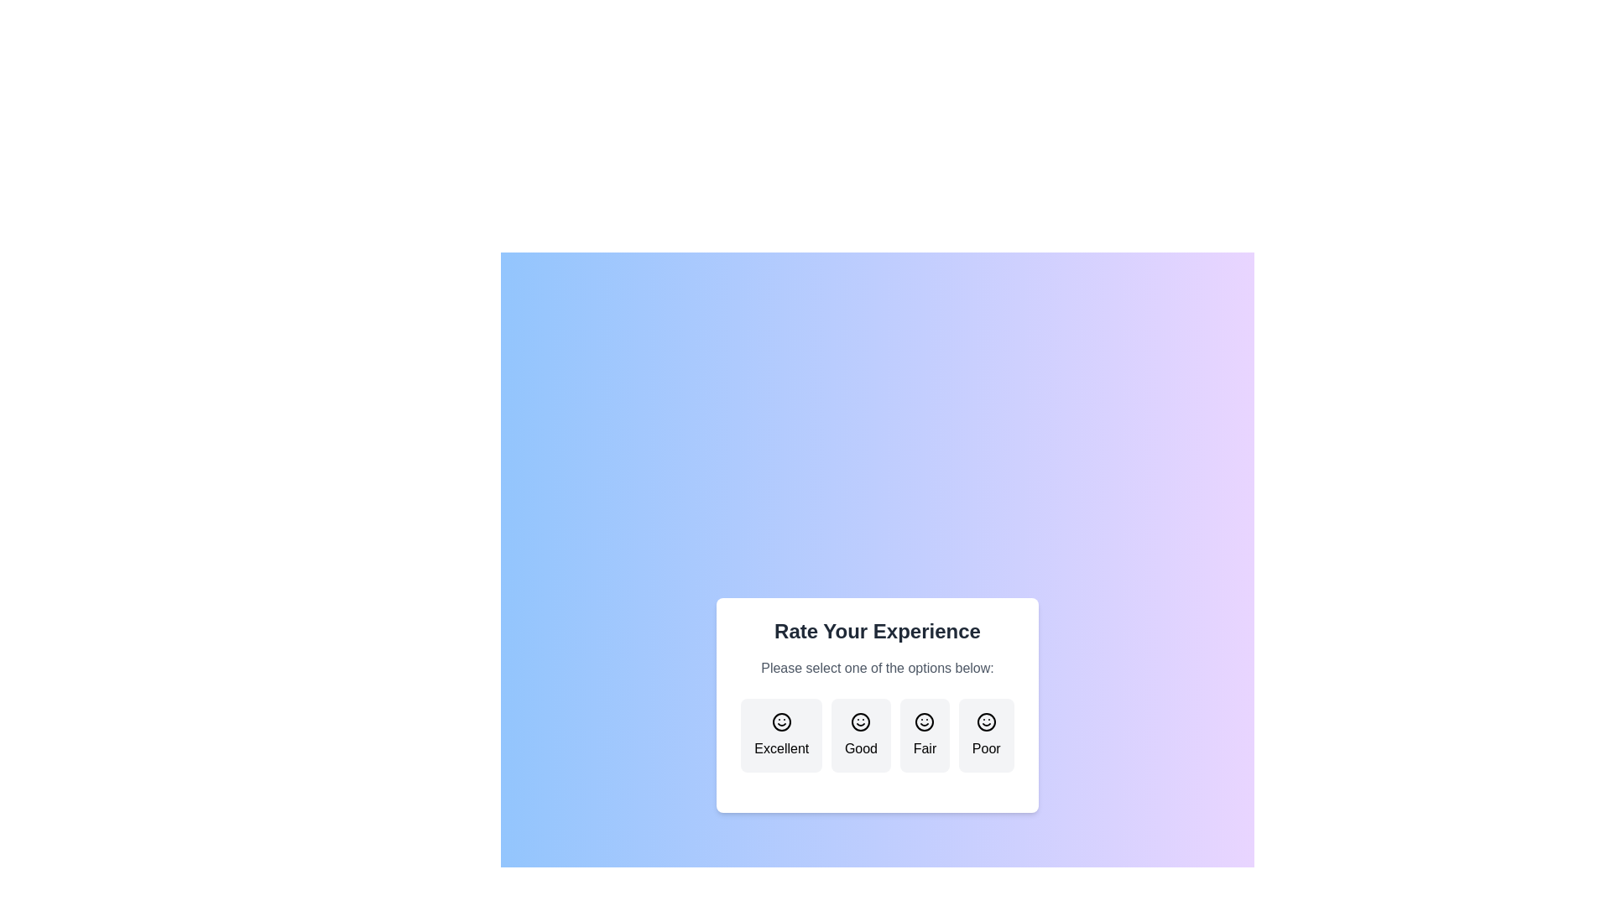 The width and height of the screenshot is (1611, 906). What do you see at coordinates (861, 721) in the screenshot?
I see `the circular SVG shape that defines the face in the smiley icon representing the 'Good' rating choice, which is the second icon from the left in a group of four options` at bounding box center [861, 721].